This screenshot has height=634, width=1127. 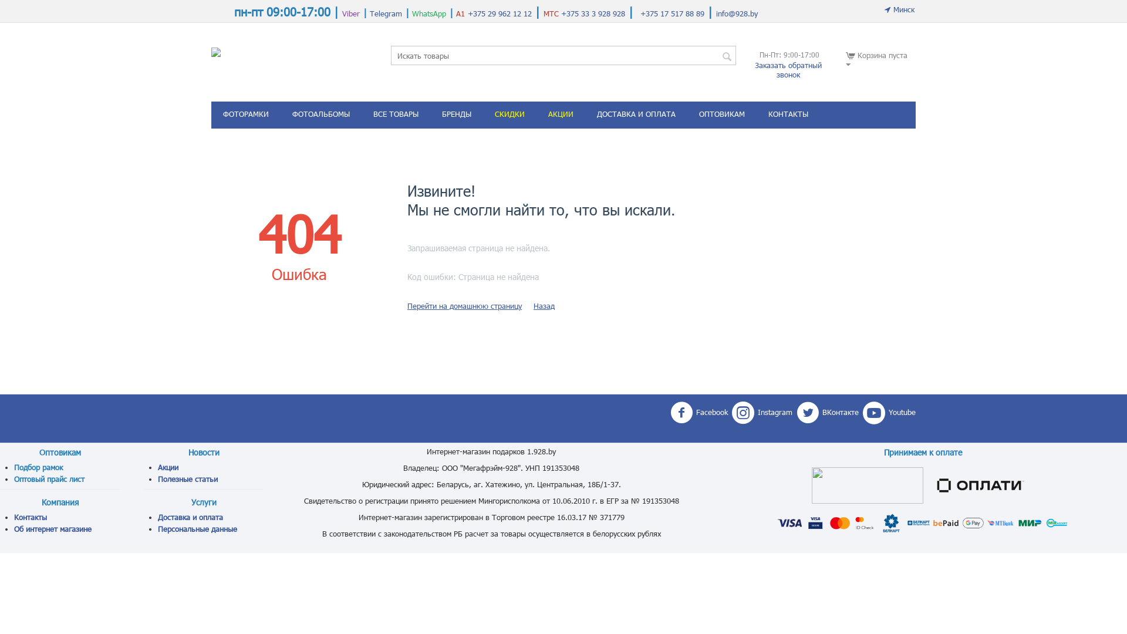 What do you see at coordinates (889, 412) in the screenshot?
I see `'Youtube'` at bounding box center [889, 412].